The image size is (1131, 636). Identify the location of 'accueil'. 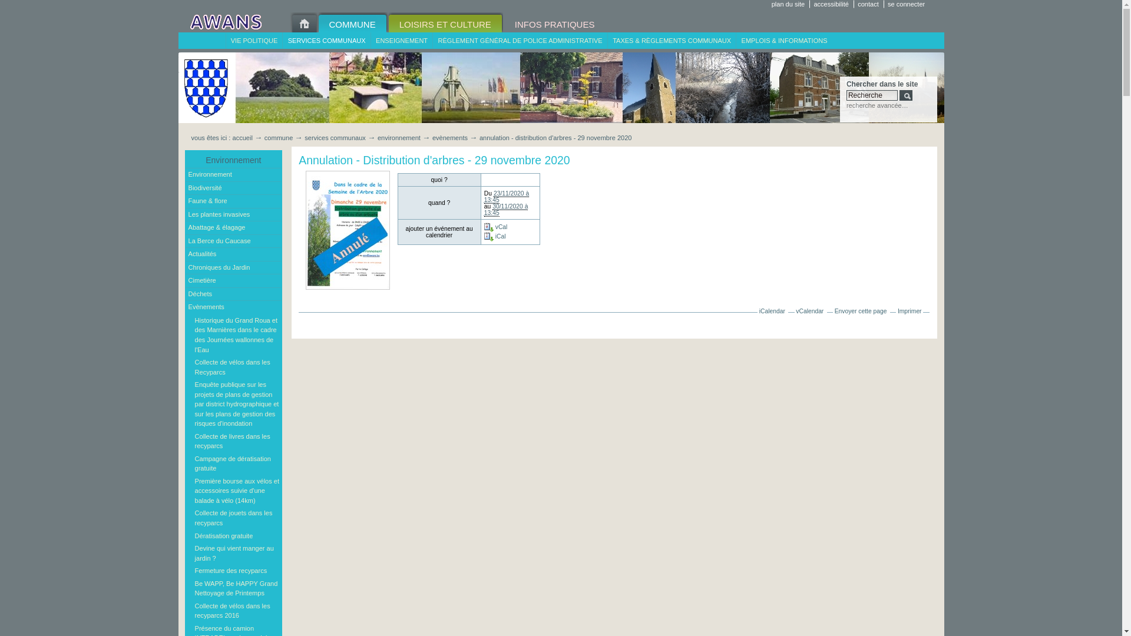
(242, 137).